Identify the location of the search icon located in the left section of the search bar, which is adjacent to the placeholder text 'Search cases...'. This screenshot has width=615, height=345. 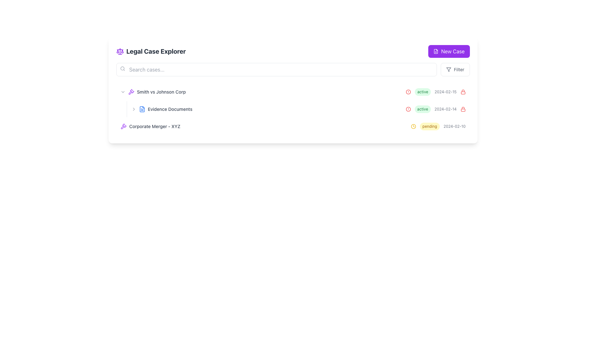
(122, 69).